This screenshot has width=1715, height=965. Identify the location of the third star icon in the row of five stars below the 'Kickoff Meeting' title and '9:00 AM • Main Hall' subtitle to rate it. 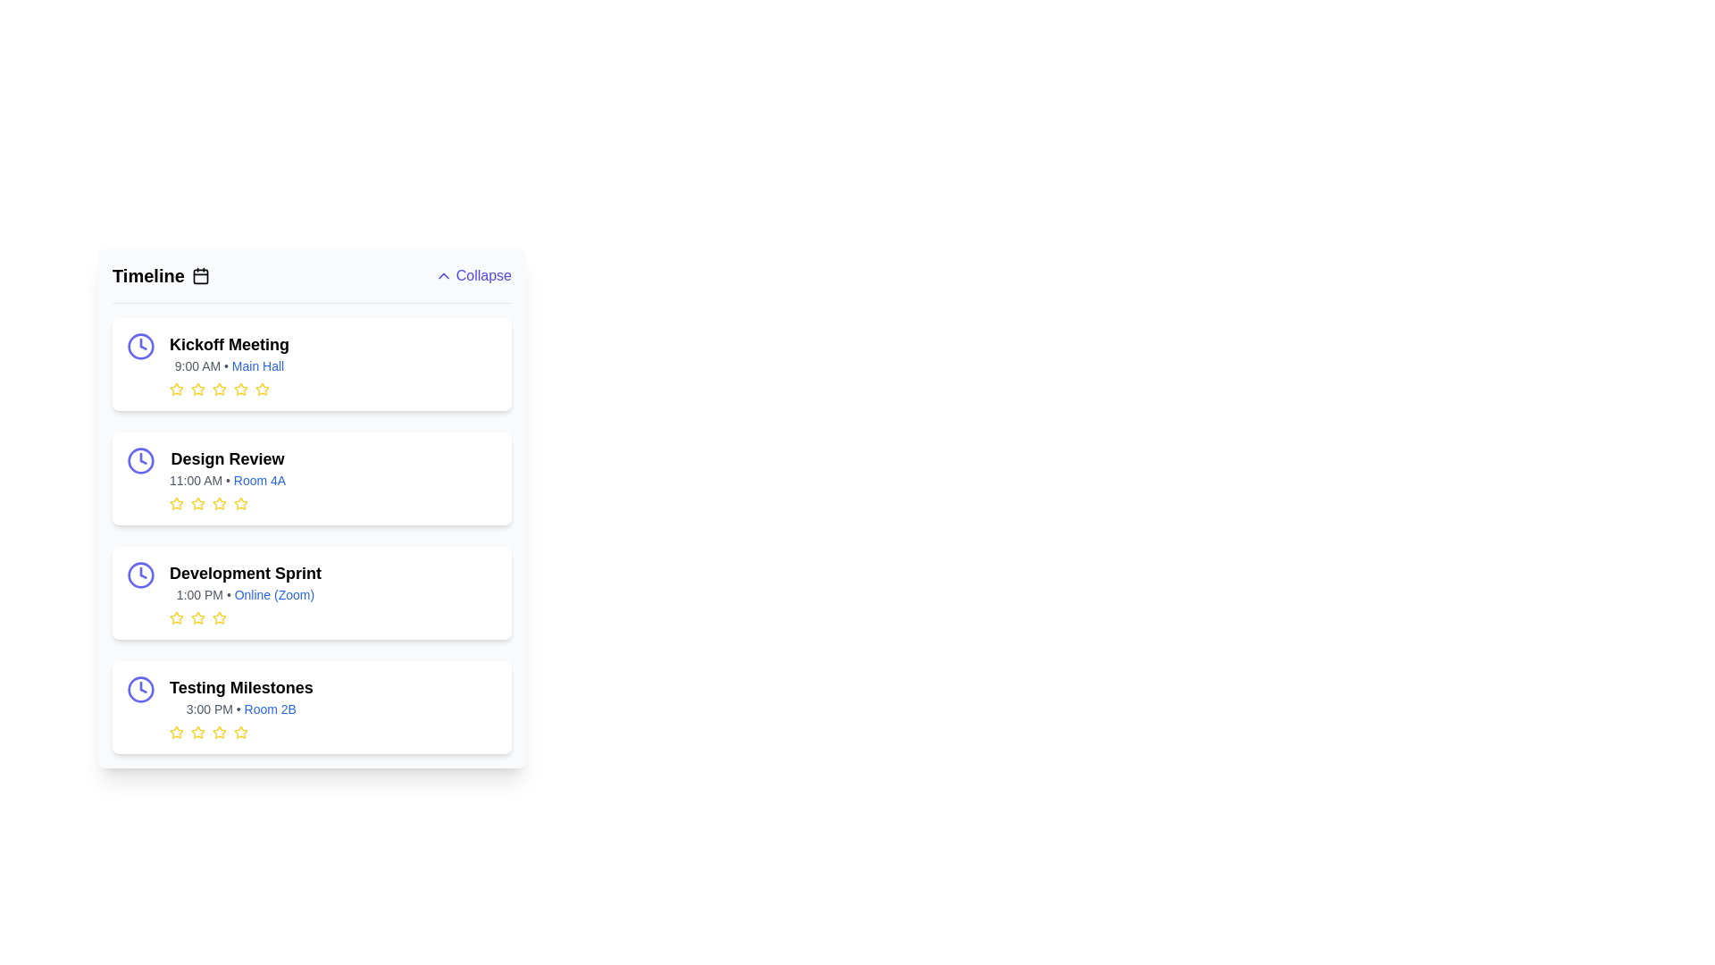
(229, 388).